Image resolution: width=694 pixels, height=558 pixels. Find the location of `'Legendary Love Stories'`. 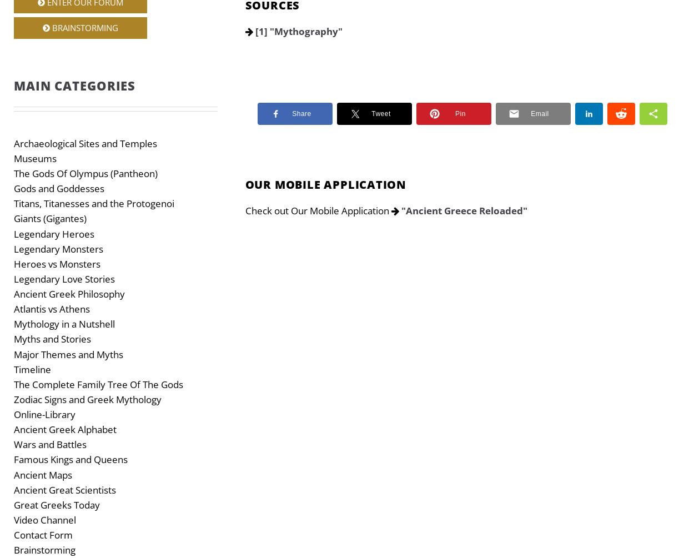

'Legendary Love Stories' is located at coordinates (14, 278).